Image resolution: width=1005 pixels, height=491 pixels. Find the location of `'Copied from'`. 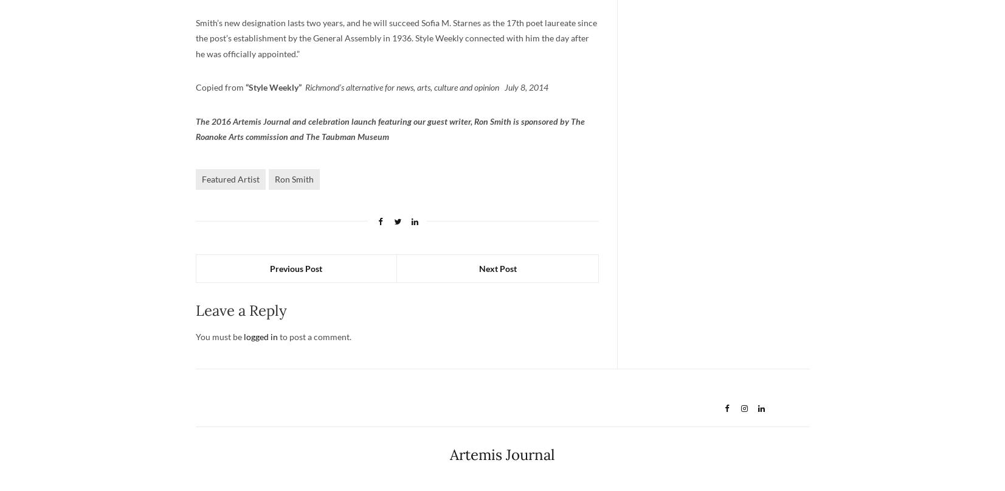

'Copied from' is located at coordinates (195, 86).